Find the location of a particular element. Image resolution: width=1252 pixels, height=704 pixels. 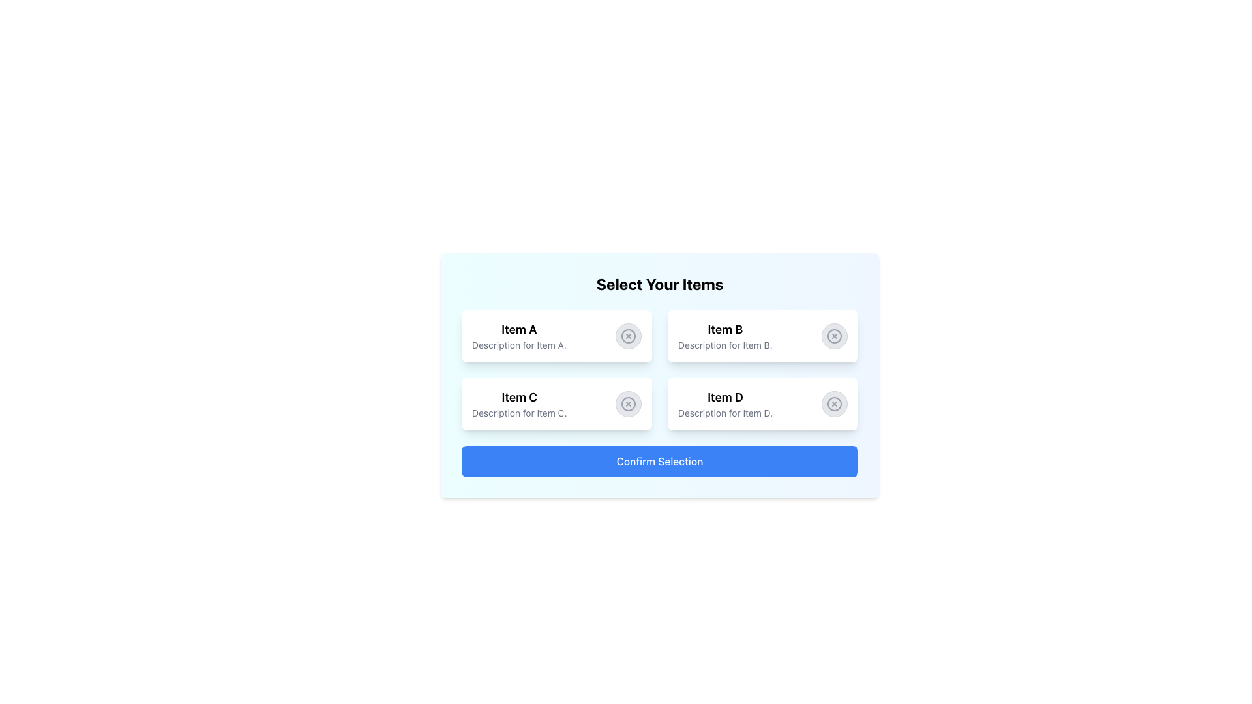

the card displaying 'Item A' located at the top left of the grid for further actions is located at coordinates (518, 336).